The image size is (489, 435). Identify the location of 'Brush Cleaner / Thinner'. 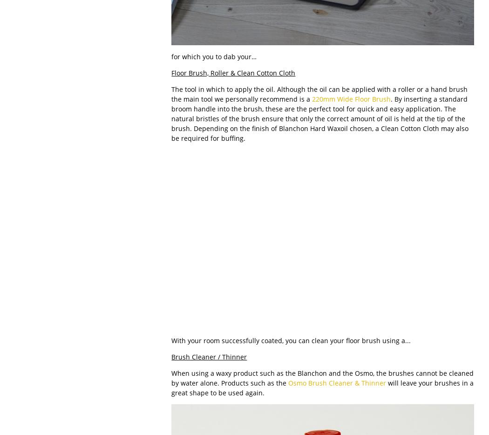
(208, 356).